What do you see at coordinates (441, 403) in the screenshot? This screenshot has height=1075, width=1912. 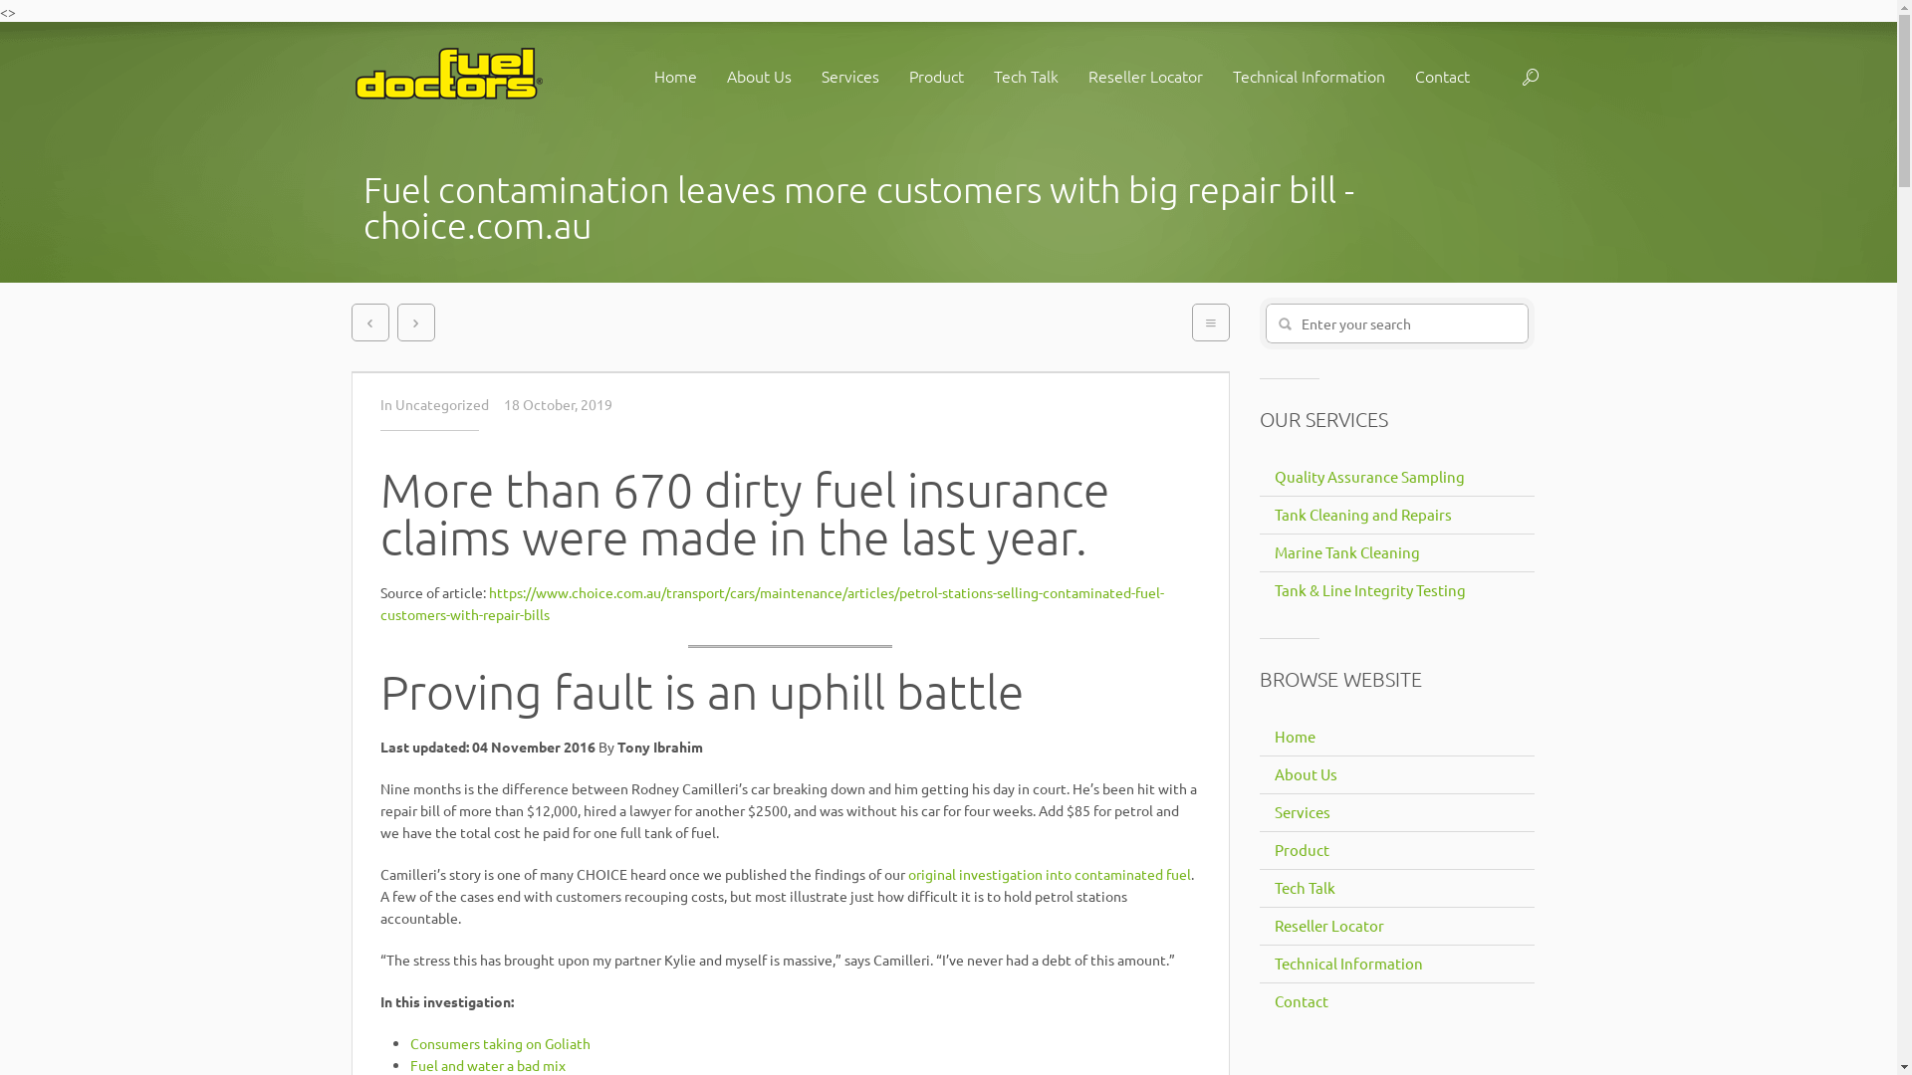 I see `'Uncategorized'` at bounding box center [441, 403].